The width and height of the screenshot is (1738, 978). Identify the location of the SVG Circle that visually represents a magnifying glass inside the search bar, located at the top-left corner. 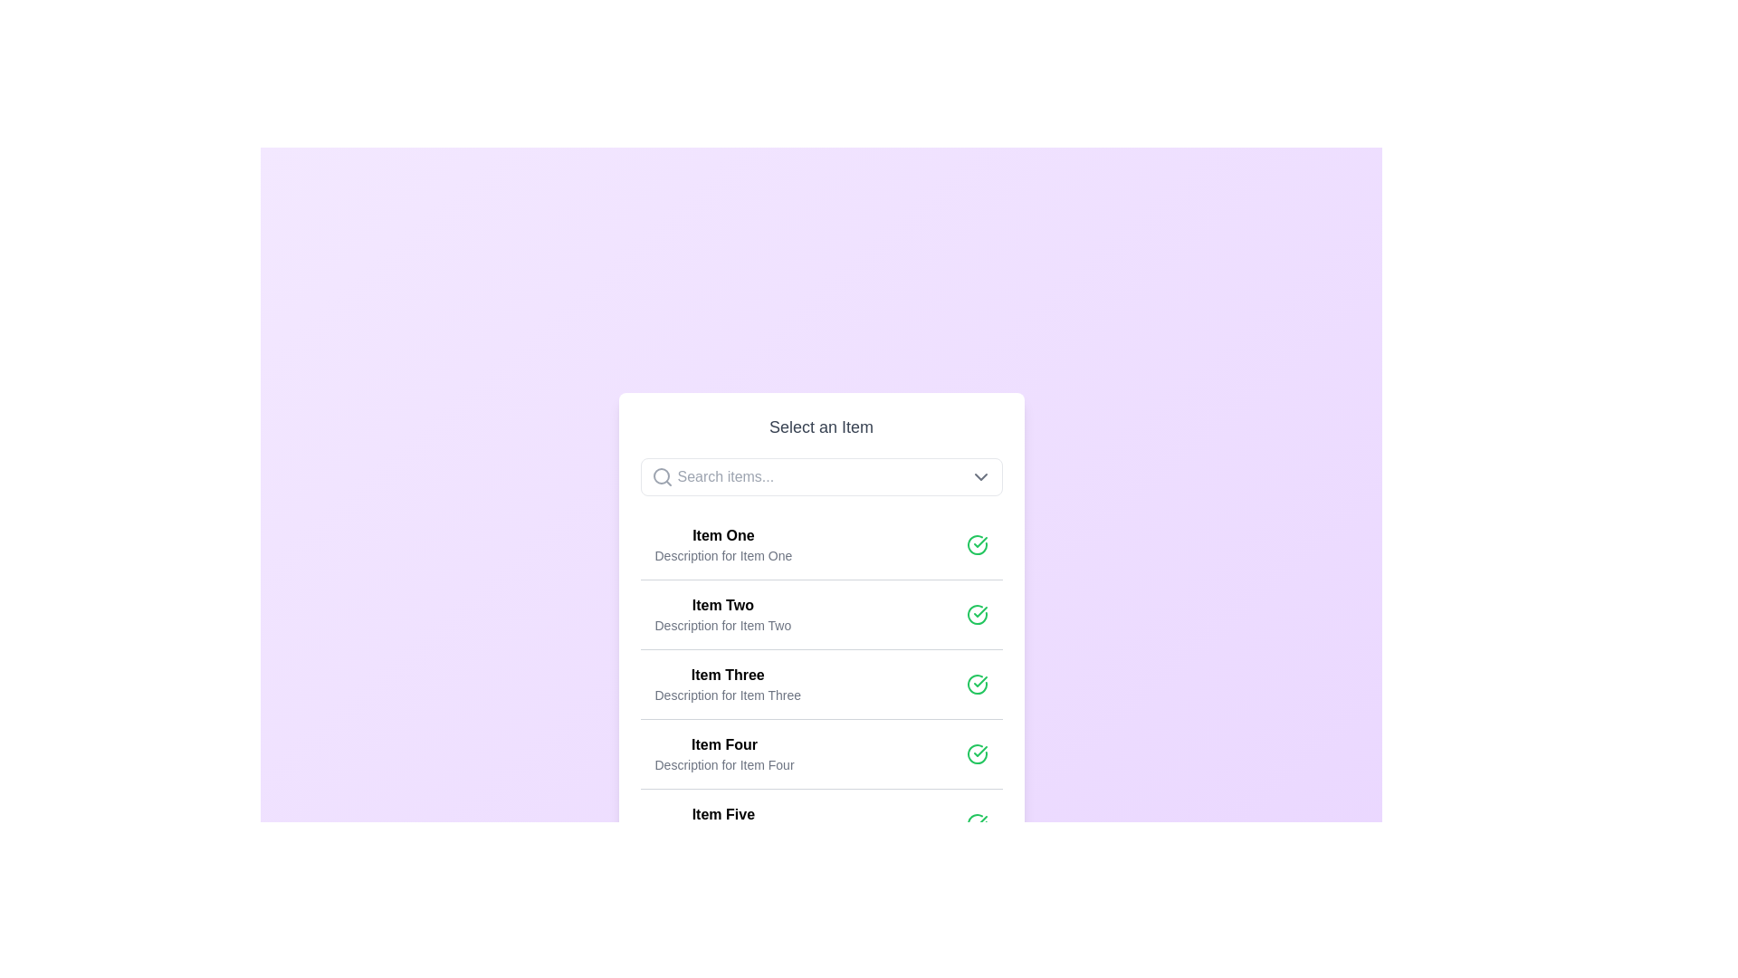
(660, 475).